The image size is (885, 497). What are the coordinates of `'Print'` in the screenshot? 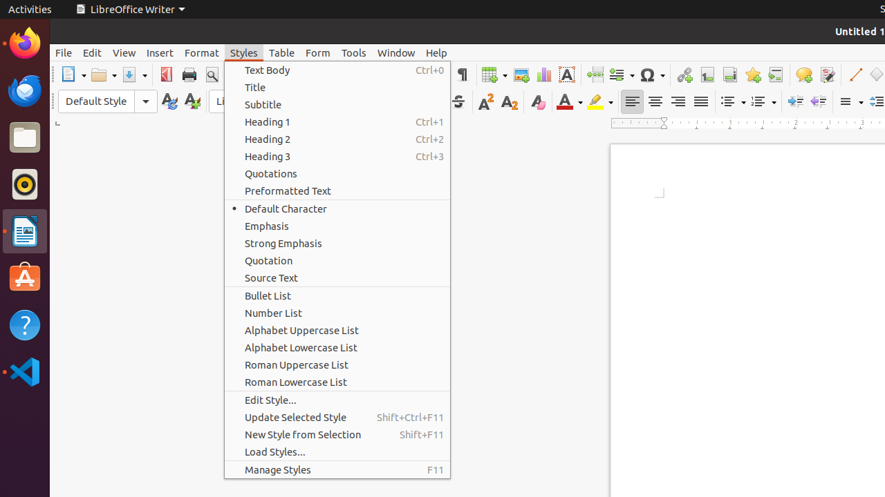 It's located at (188, 75).